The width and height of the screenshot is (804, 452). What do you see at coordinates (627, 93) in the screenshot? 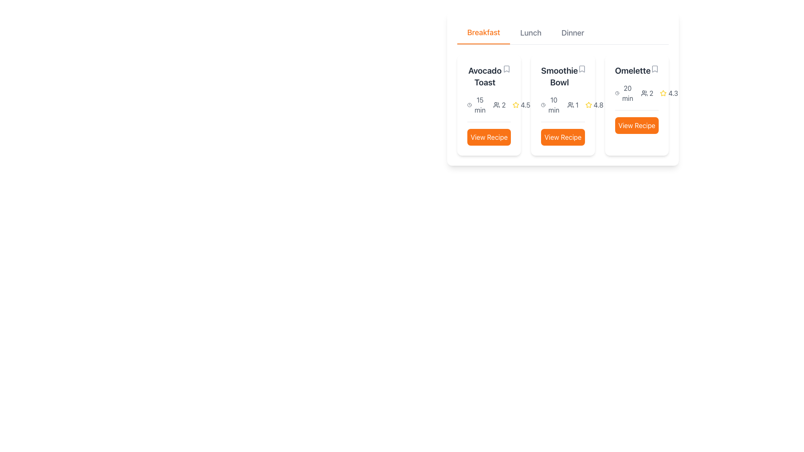
I see `the non-interactive text label displaying the preparation time for the 'Omelette' recipe, located centrally within the recipe card` at bounding box center [627, 93].